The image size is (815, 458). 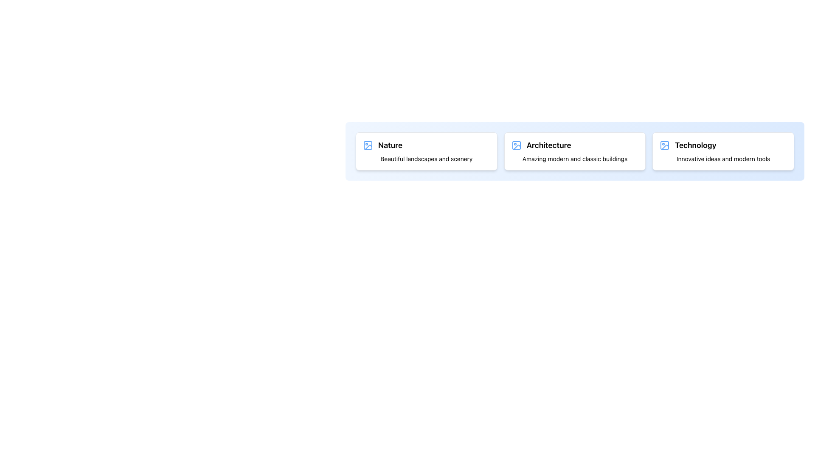 I want to click on the 'Technology' card, which is the third card in a grid layout, providing access to more details about the Technology topic, so click(x=723, y=151).